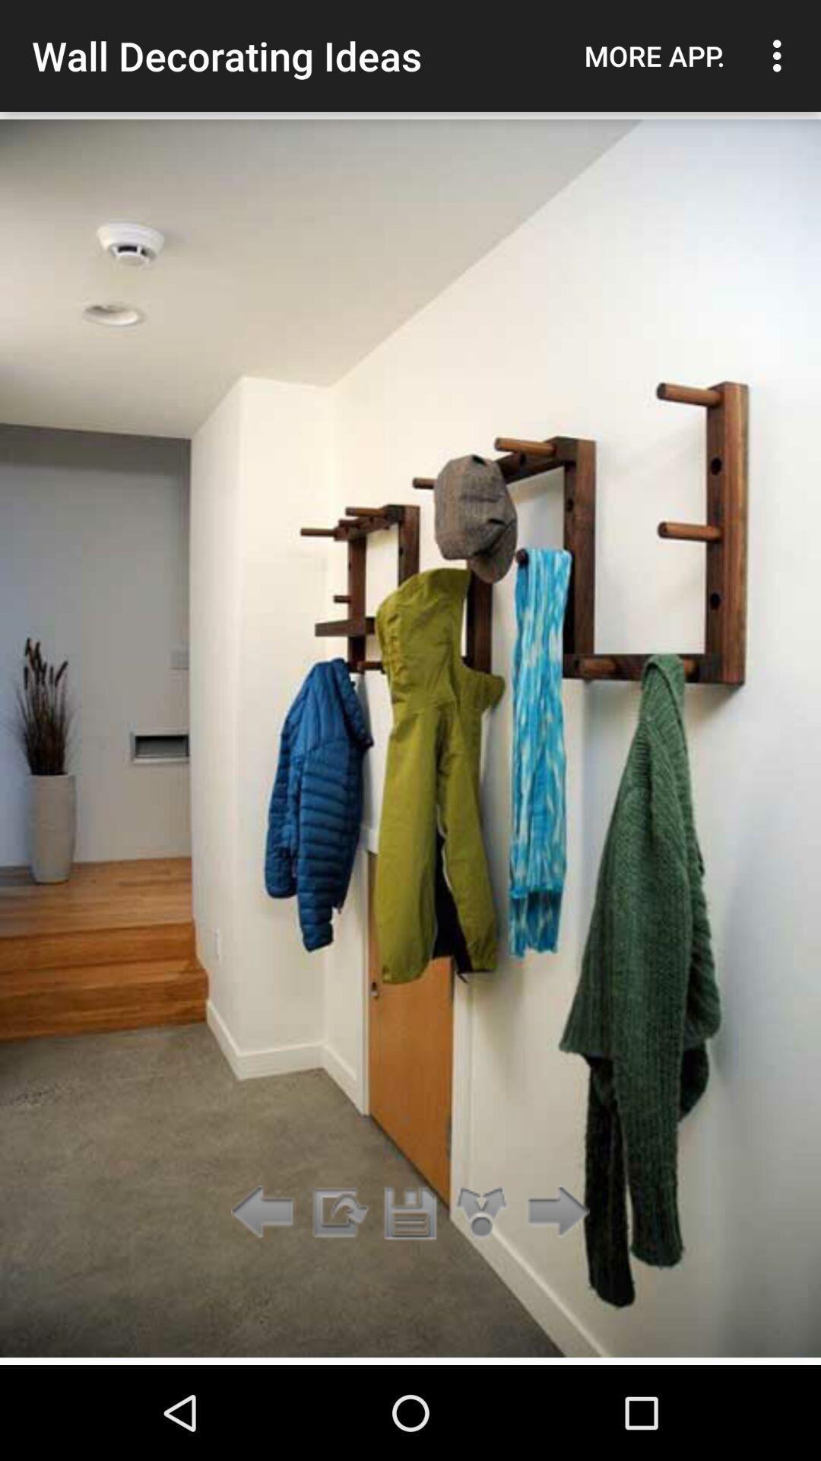  What do you see at coordinates (654, 56) in the screenshot?
I see `the app next to the wall decorating ideas icon` at bounding box center [654, 56].